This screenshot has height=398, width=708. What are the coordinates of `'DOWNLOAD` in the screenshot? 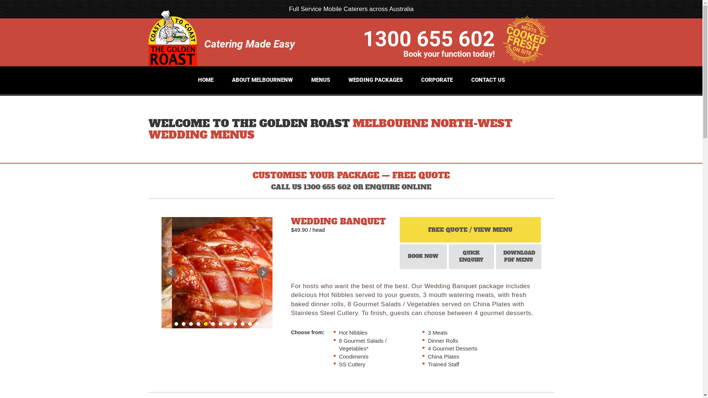 It's located at (496, 256).